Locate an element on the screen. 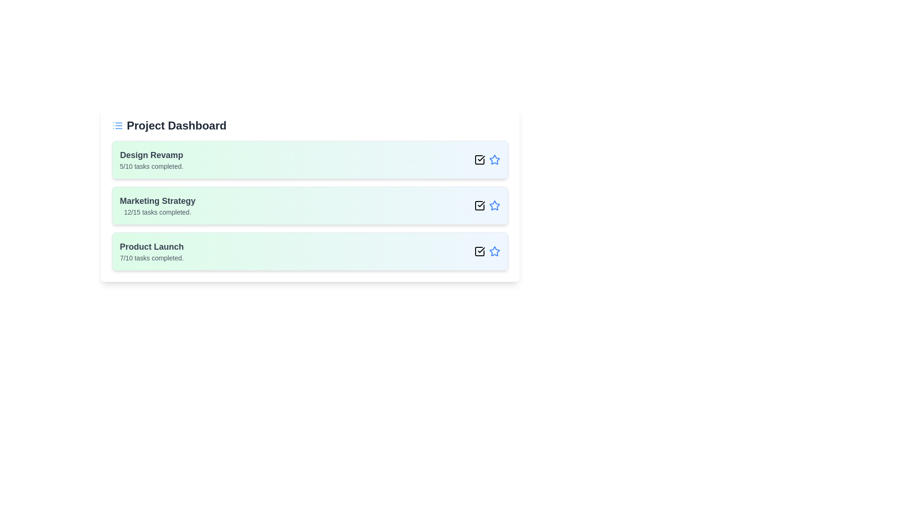  the checkbox icon for the project Design Revamp to toggle its completion status is located at coordinates (479, 159).